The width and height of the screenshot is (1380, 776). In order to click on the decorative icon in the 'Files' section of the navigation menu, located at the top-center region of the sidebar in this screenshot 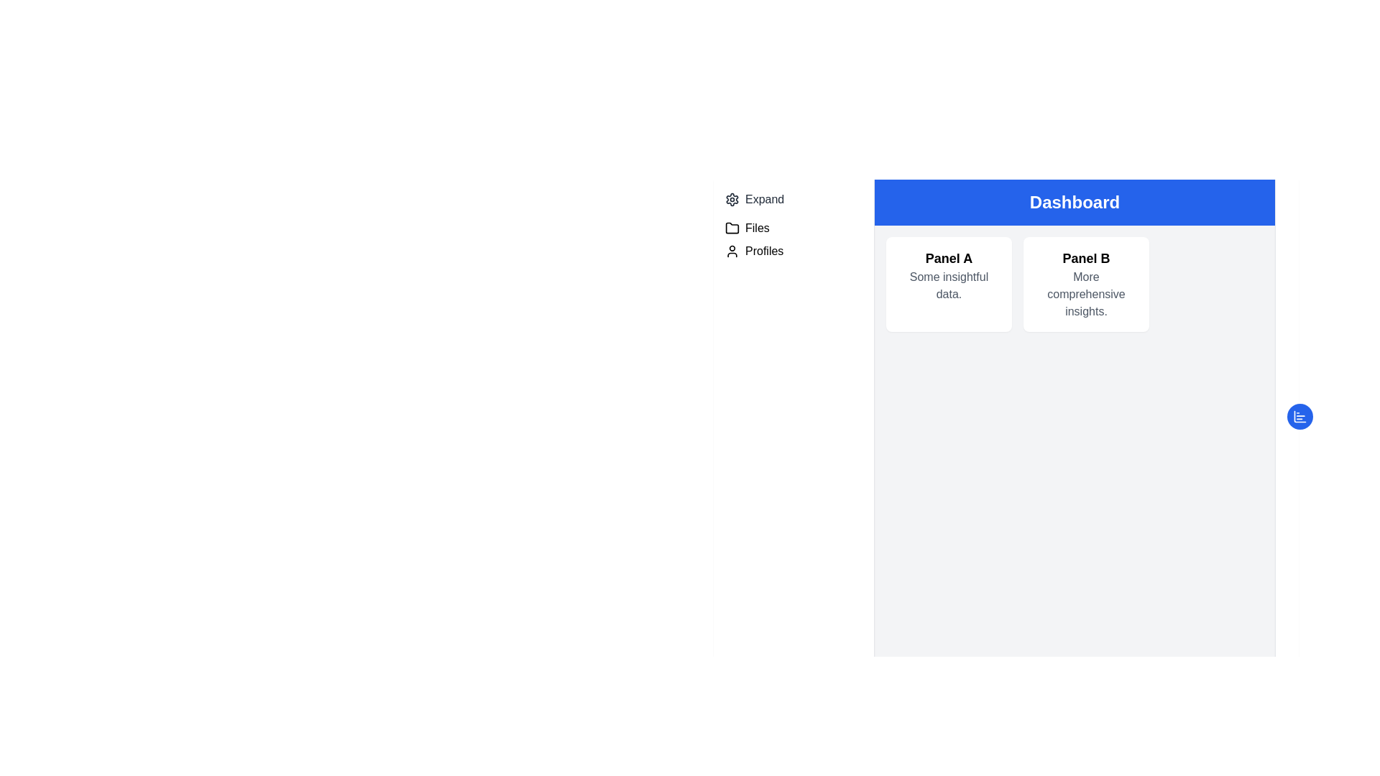, I will do `click(732, 227)`.